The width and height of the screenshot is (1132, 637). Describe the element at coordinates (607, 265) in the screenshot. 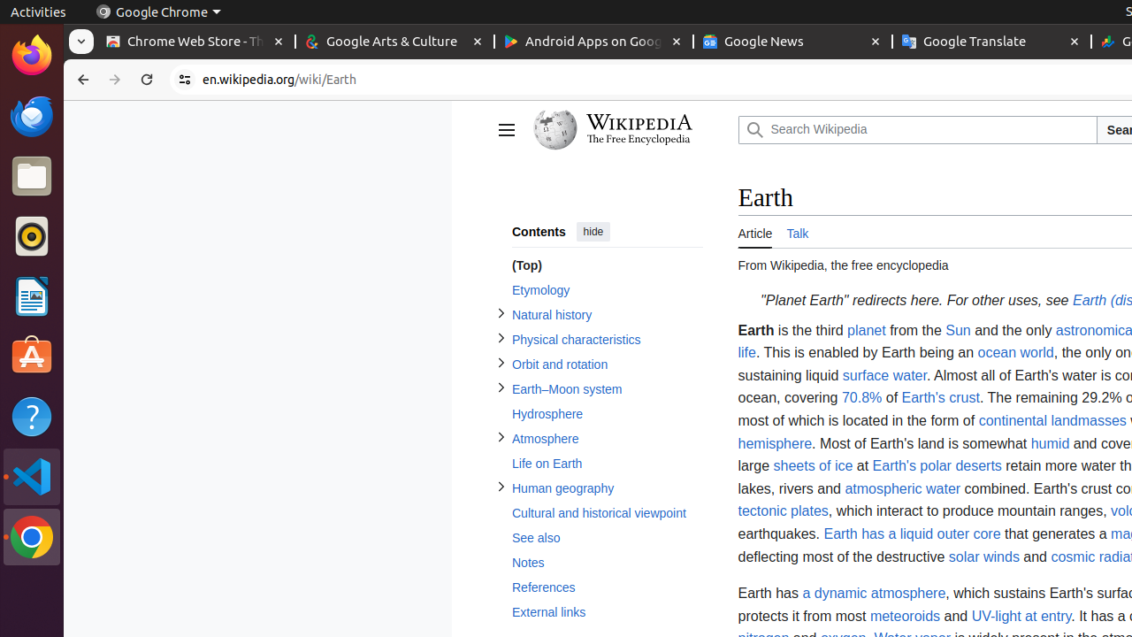

I see `'(Top)'` at that location.